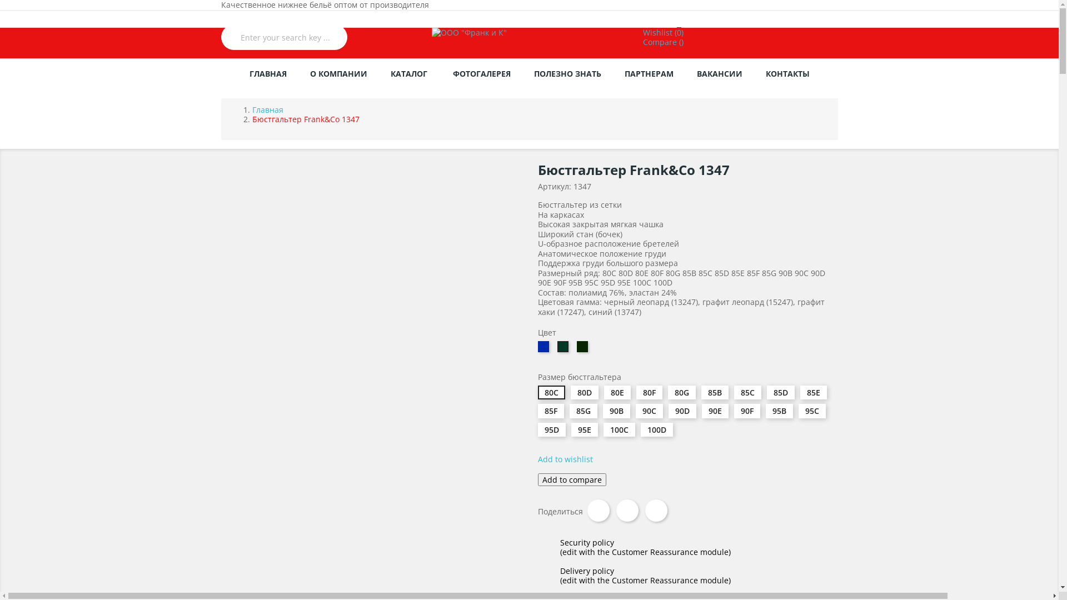  What do you see at coordinates (663, 41) in the screenshot?
I see `'Compare ()'` at bounding box center [663, 41].